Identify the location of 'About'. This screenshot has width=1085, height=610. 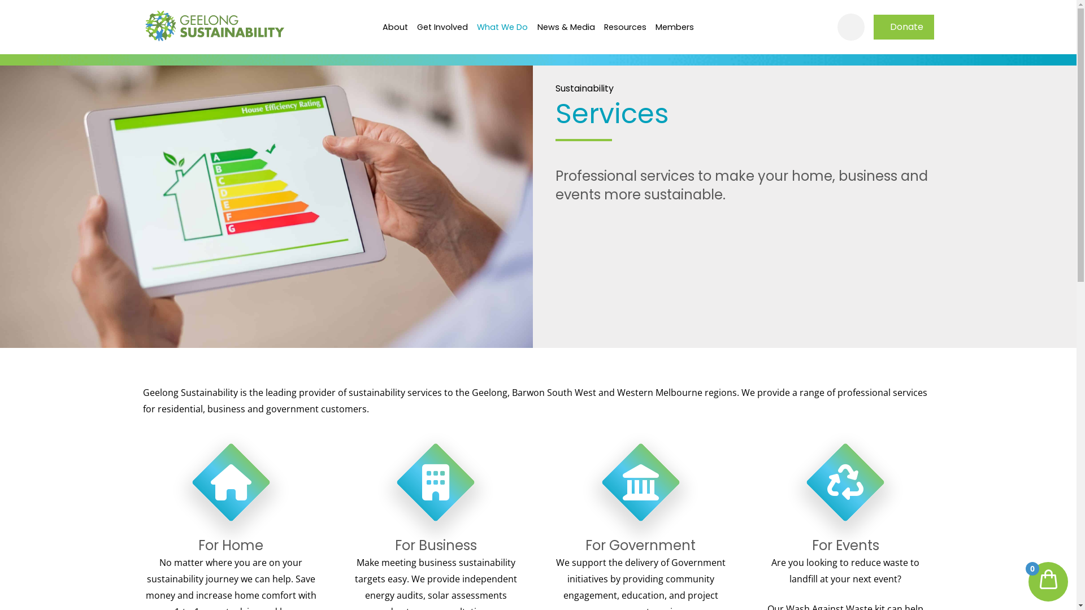
(394, 26).